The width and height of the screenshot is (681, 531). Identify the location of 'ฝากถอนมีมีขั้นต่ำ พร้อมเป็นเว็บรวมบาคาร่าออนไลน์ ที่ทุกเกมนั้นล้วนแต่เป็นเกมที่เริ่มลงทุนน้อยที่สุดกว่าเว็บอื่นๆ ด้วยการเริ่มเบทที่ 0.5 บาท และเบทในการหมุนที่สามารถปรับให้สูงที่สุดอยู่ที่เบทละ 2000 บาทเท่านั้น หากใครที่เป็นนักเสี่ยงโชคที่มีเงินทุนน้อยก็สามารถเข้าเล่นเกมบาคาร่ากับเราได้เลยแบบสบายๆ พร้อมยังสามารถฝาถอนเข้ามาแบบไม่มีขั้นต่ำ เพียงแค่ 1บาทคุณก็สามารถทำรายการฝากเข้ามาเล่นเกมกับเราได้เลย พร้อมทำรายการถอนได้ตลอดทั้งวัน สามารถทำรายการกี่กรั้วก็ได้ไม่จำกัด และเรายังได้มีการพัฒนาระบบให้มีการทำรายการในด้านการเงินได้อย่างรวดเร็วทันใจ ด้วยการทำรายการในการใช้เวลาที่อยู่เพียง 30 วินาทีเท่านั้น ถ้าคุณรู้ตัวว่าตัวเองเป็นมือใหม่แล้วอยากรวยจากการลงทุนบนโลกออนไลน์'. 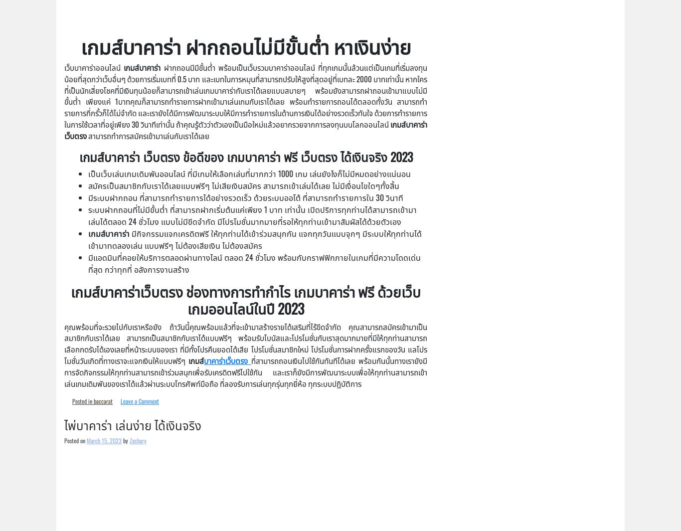
(245, 95).